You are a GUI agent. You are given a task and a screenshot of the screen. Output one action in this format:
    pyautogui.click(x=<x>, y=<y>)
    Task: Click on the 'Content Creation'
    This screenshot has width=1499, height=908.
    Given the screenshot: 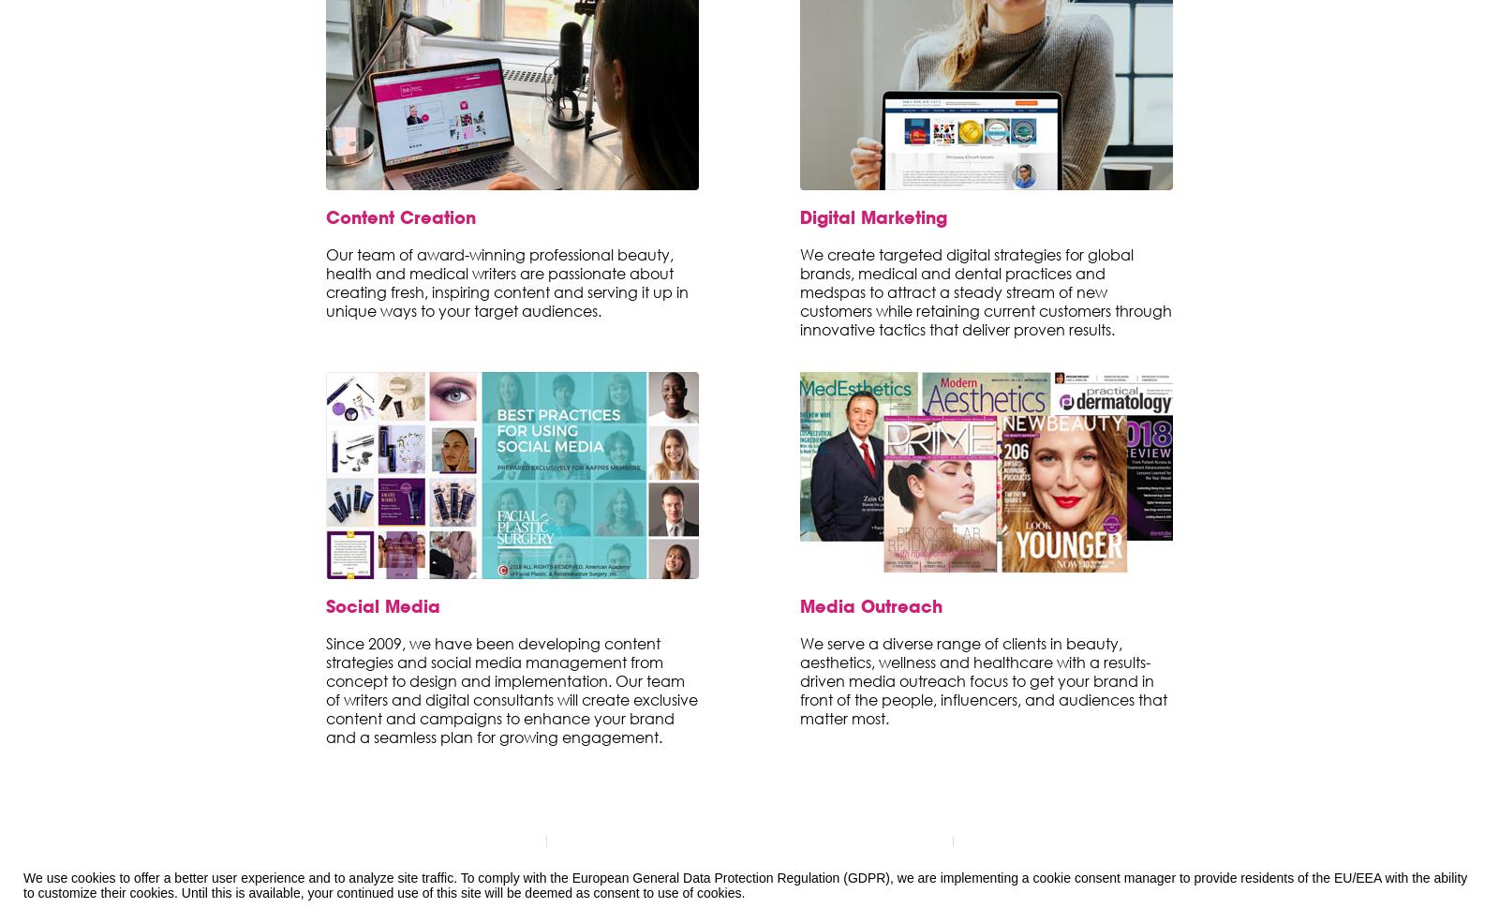 What is the action you would take?
    pyautogui.click(x=400, y=216)
    